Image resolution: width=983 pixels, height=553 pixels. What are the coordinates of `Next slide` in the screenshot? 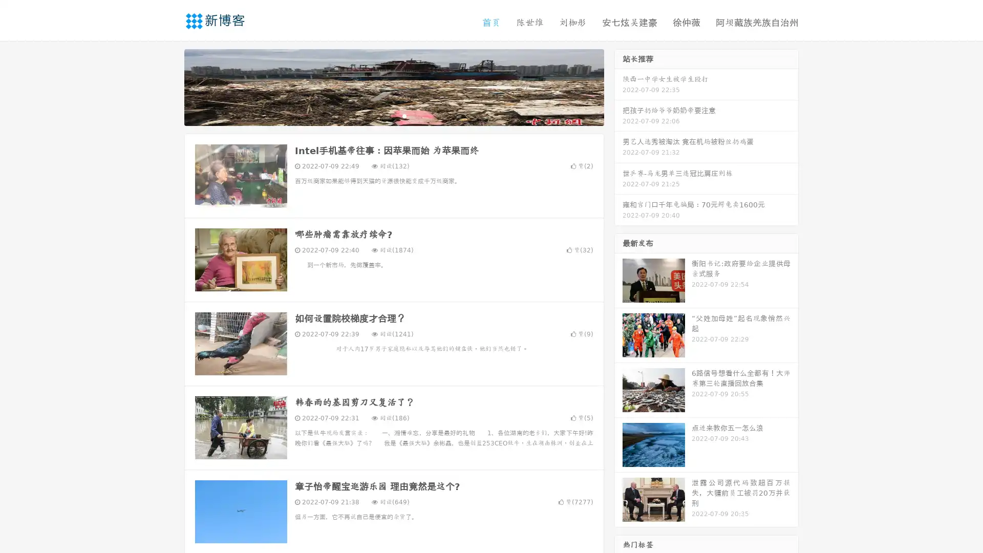 It's located at (618, 86).